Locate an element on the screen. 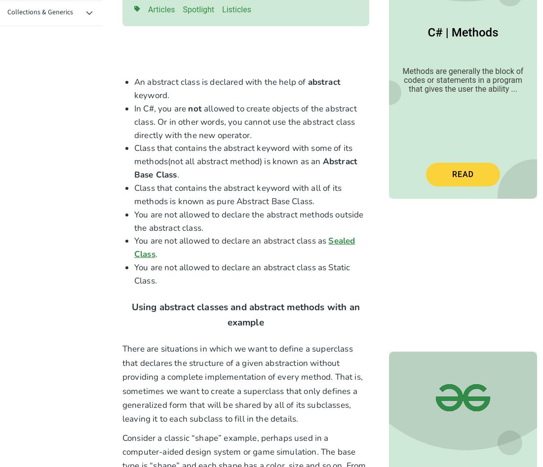  'Sealed Class' is located at coordinates (244, 247).